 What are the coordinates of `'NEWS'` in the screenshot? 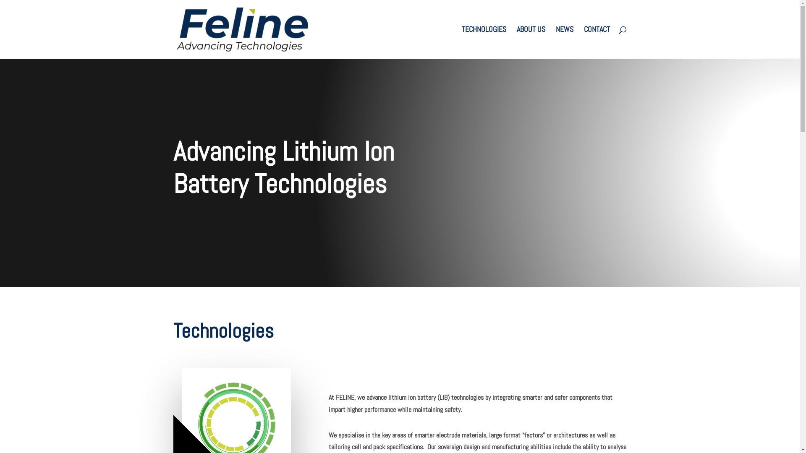 It's located at (556, 42).